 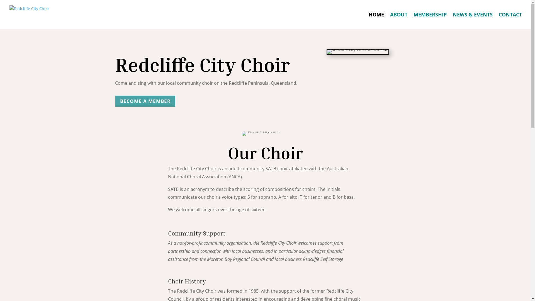 What do you see at coordinates (398, 20) in the screenshot?
I see `'ABOUT'` at bounding box center [398, 20].